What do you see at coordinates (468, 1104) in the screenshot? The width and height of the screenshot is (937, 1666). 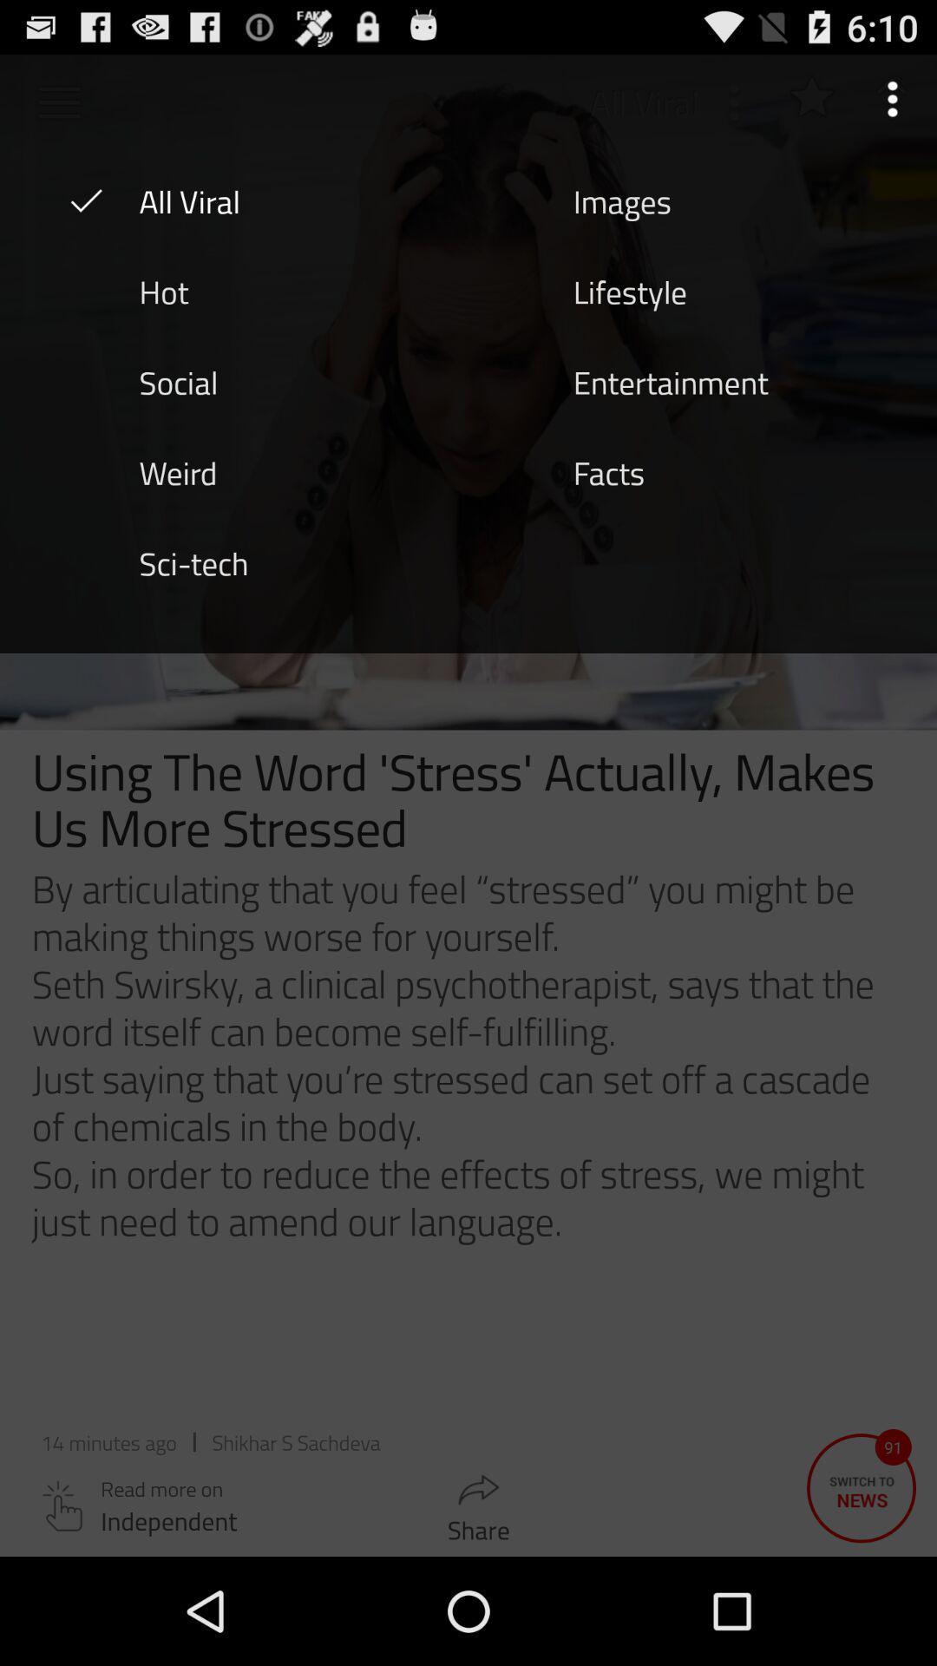 I see `the item below the sci-tech icon` at bounding box center [468, 1104].